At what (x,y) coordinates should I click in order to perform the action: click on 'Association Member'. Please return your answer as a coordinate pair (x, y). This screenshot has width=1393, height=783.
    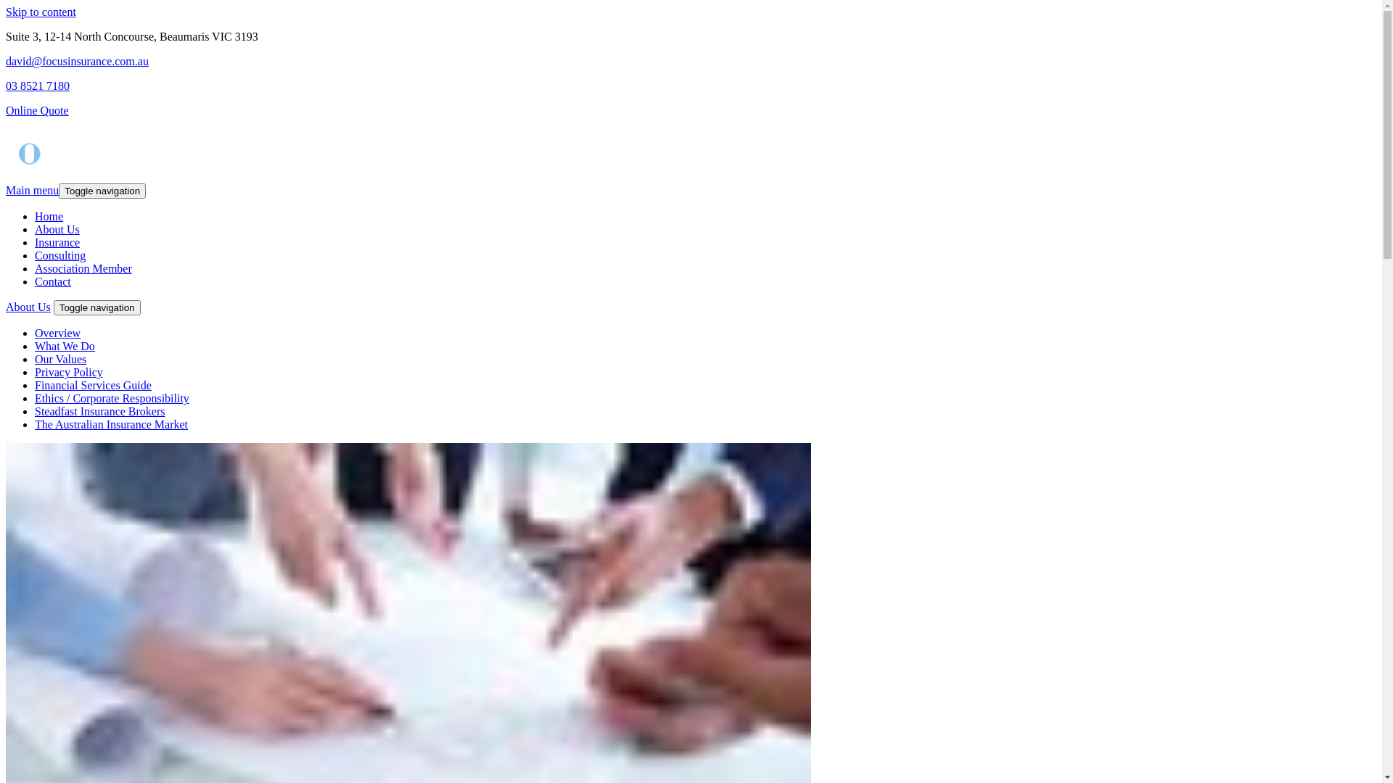
    Looking at the image, I should click on (83, 268).